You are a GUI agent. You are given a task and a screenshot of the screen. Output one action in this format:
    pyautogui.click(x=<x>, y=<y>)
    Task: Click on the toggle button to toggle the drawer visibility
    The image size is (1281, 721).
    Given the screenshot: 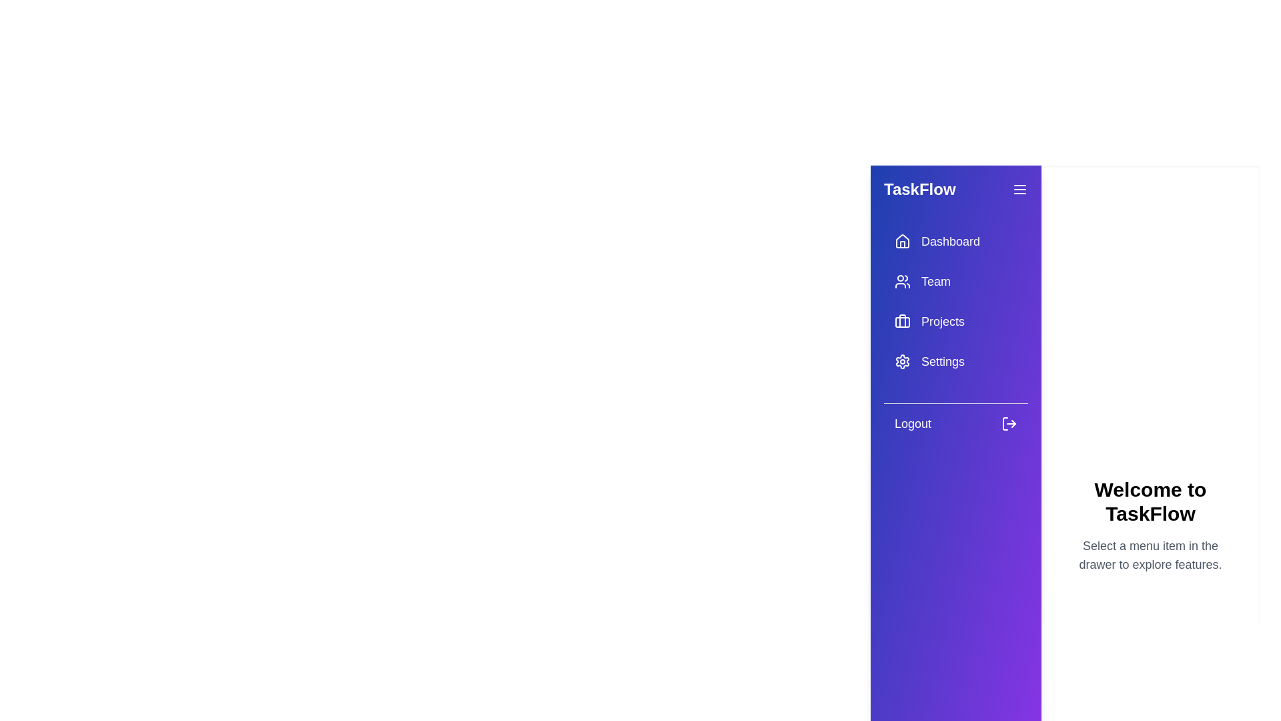 What is the action you would take?
    pyautogui.click(x=1019, y=190)
    